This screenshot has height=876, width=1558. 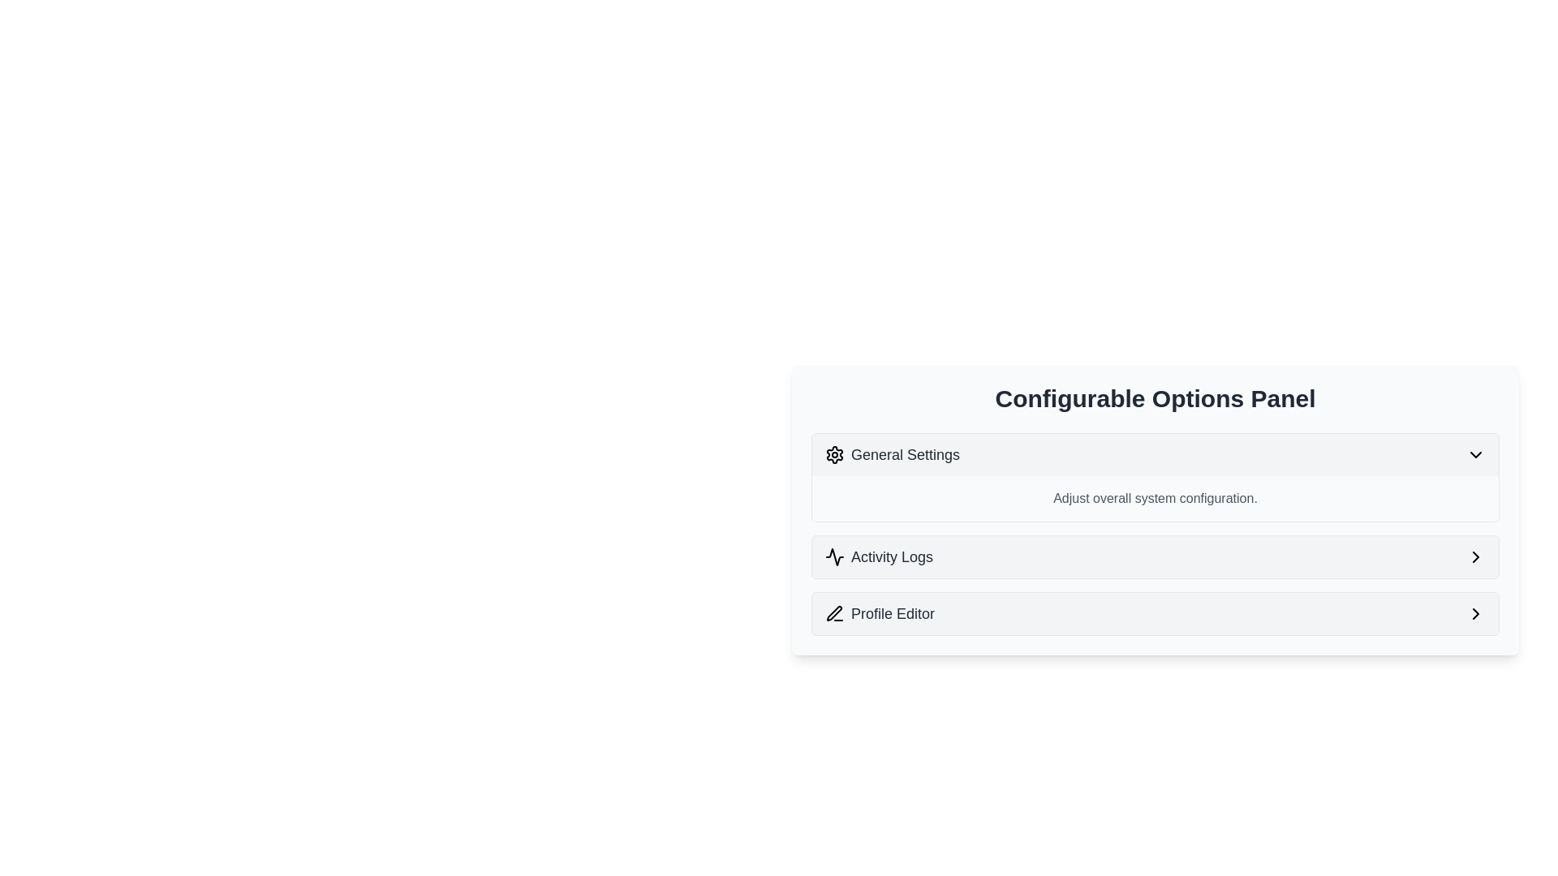 What do you see at coordinates (1476, 556) in the screenshot?
I see `the right-facing chevron navigation icon located at the far-right side of the 'Activity Logs' section in the 'Configurable Options Panel'` at bounding box center [1476, 556].